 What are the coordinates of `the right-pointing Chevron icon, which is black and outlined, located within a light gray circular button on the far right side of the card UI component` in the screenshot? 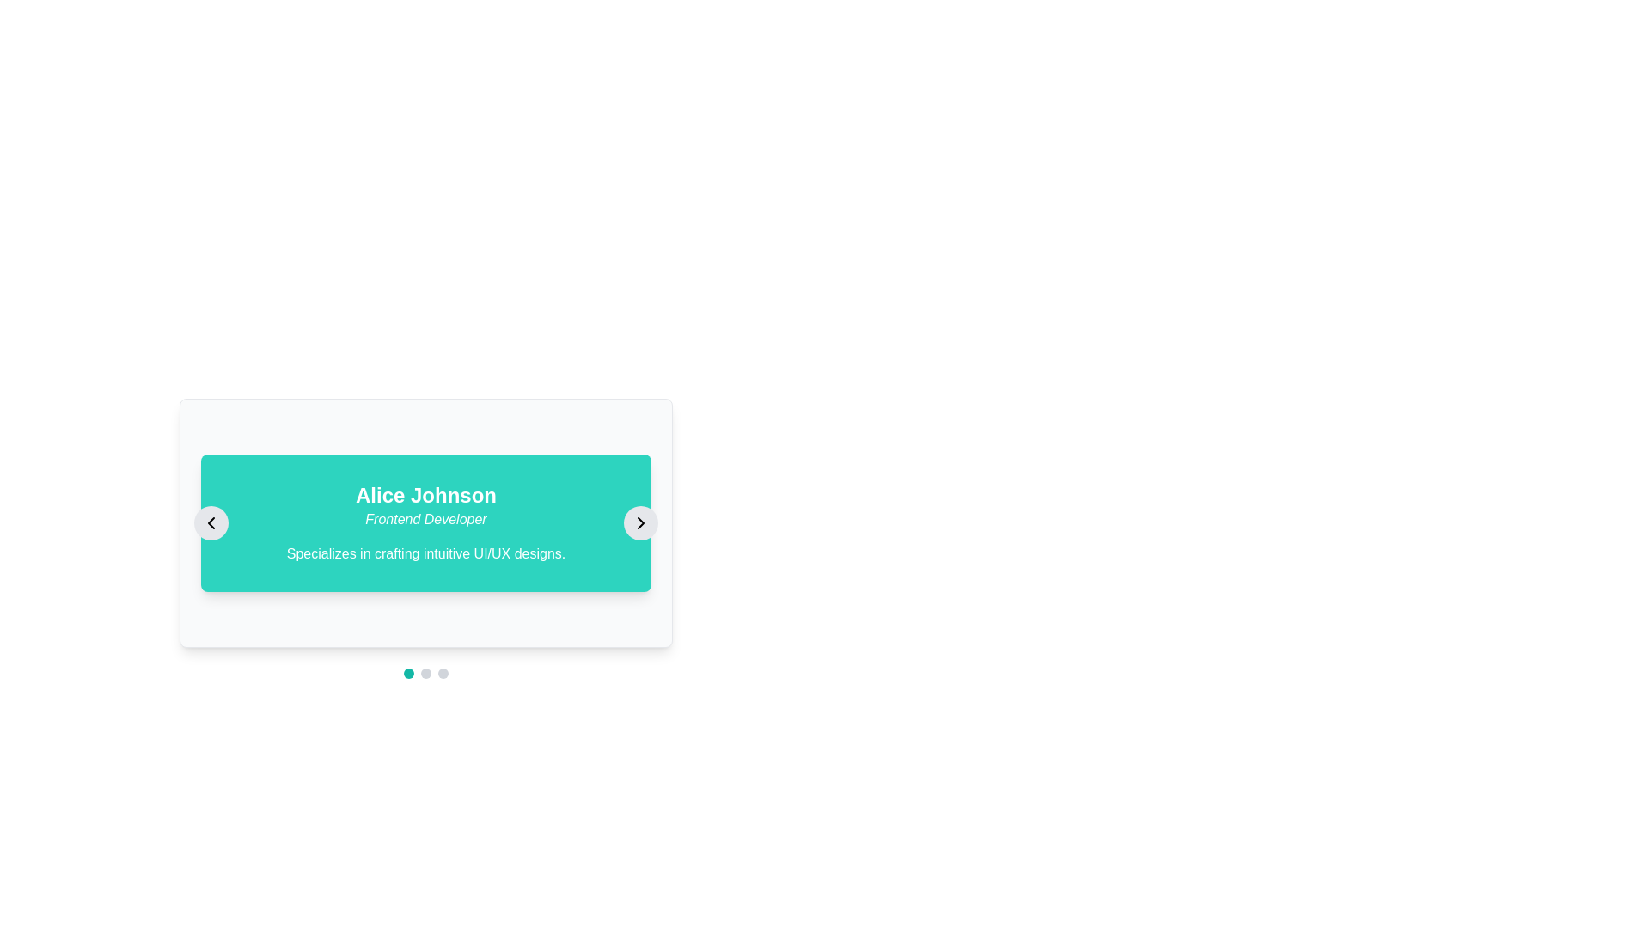 It's located at (639, 522).